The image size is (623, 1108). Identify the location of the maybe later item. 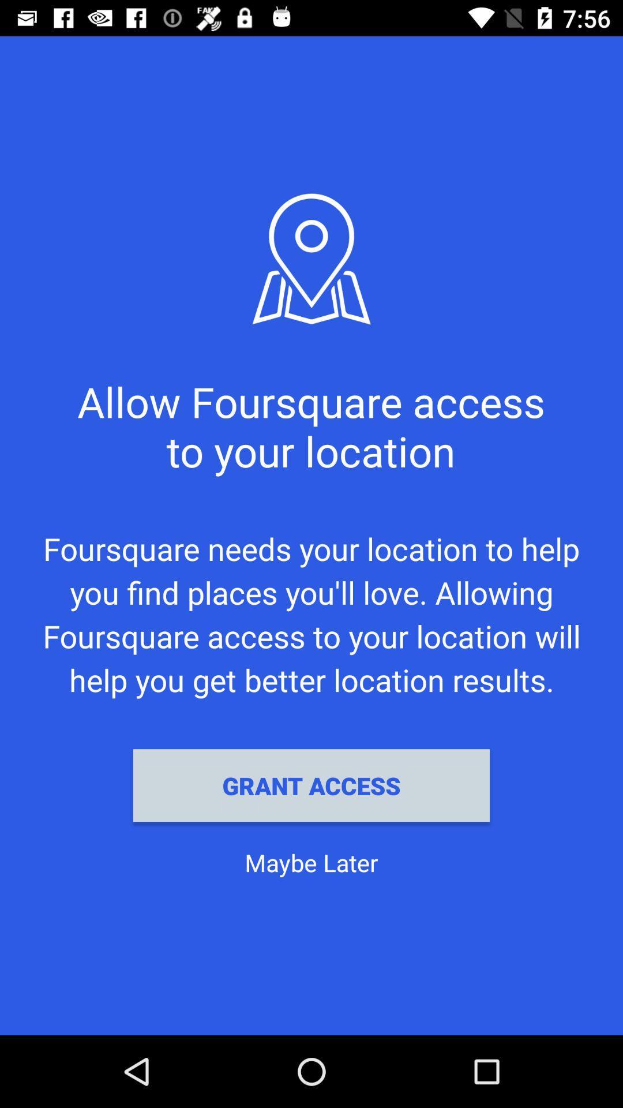
(311, 862).